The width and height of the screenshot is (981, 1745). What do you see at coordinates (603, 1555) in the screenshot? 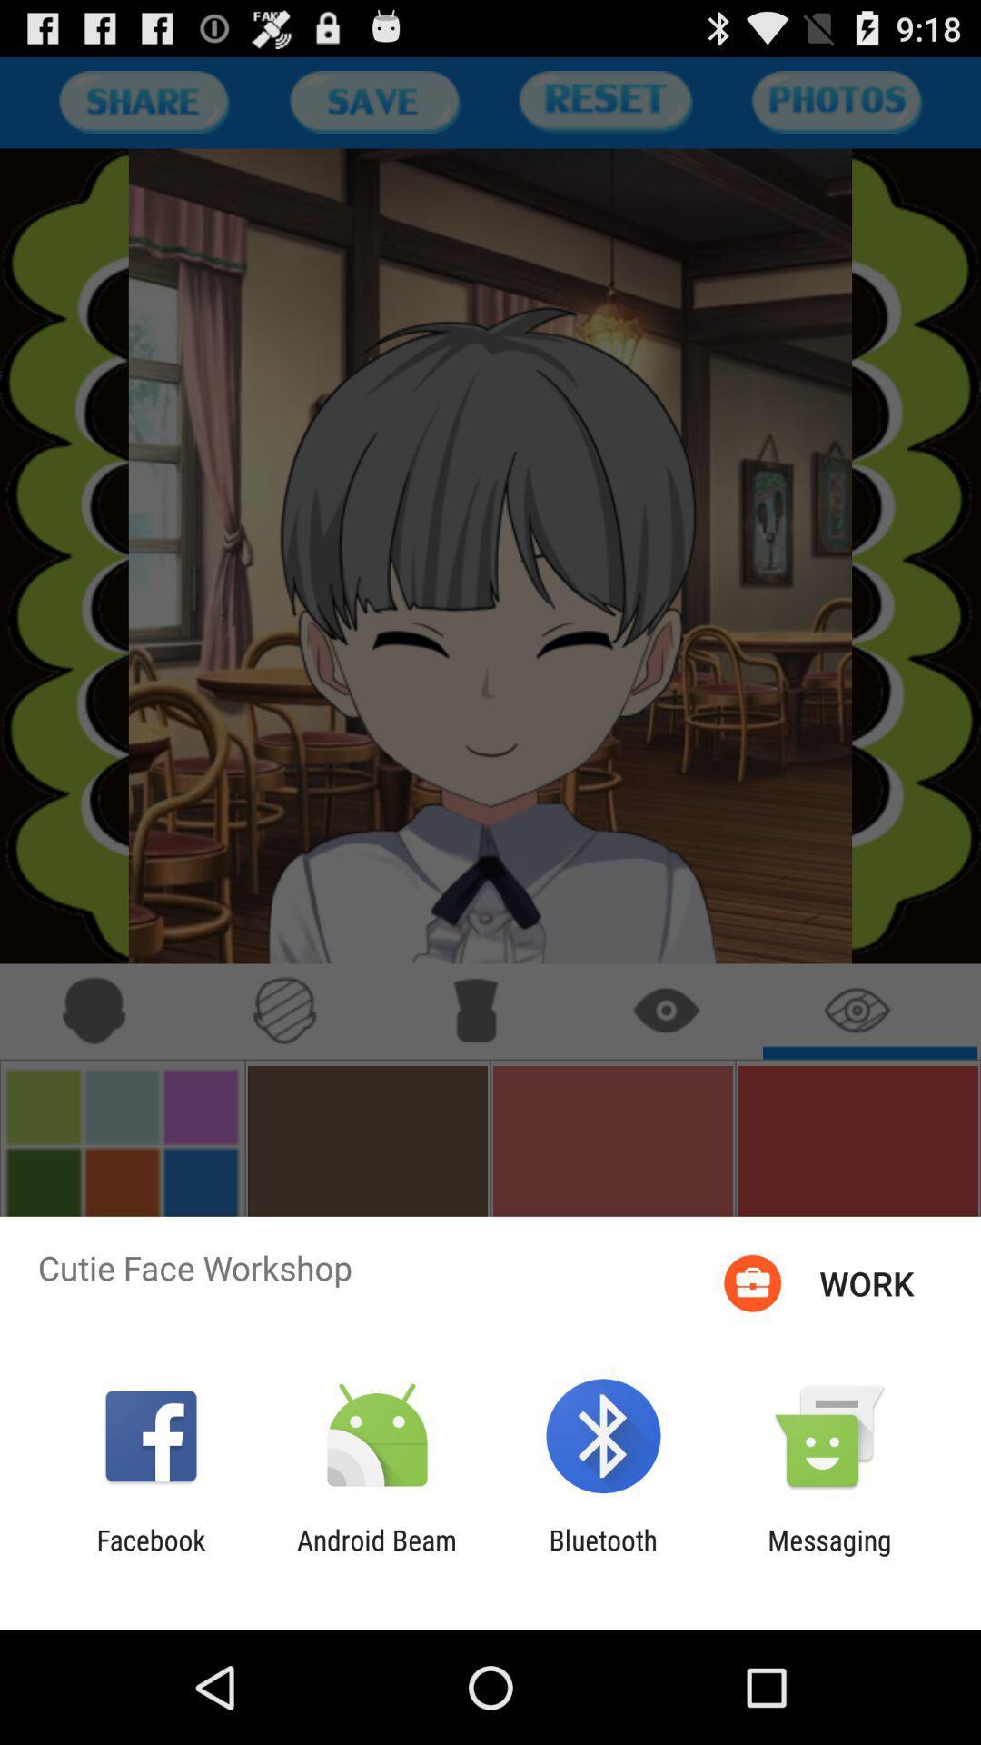
I see `icon to the left of messaging item` at bounding box center [603, 1555].